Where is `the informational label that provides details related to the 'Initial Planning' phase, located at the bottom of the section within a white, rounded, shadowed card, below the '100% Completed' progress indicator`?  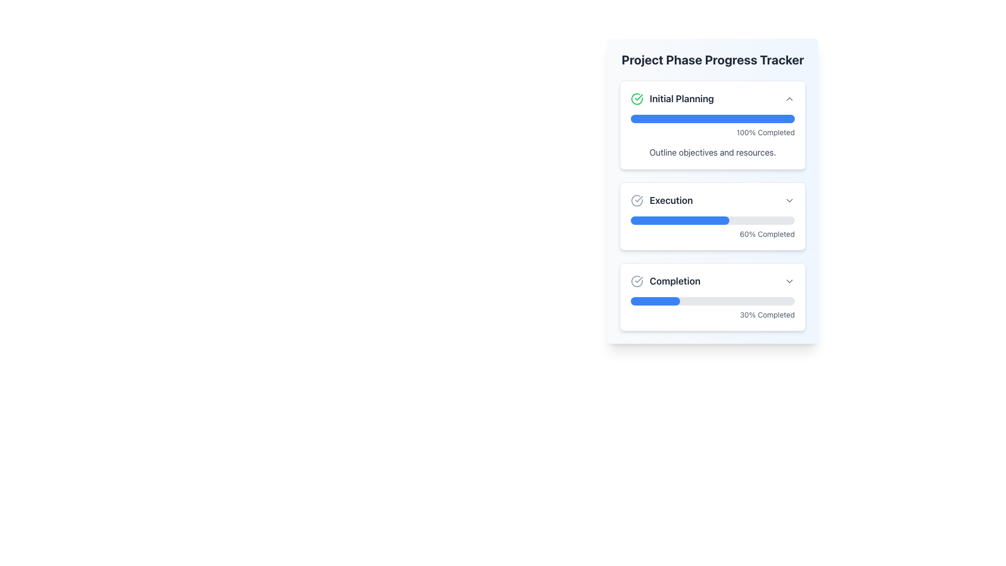 the informational label that provides details related to the 'Initial Planning' phase, located at the bottom of the section within a white, rounded, shadowed card, below the '100% Completed' progress indicator is located at coordinates (713, 152).